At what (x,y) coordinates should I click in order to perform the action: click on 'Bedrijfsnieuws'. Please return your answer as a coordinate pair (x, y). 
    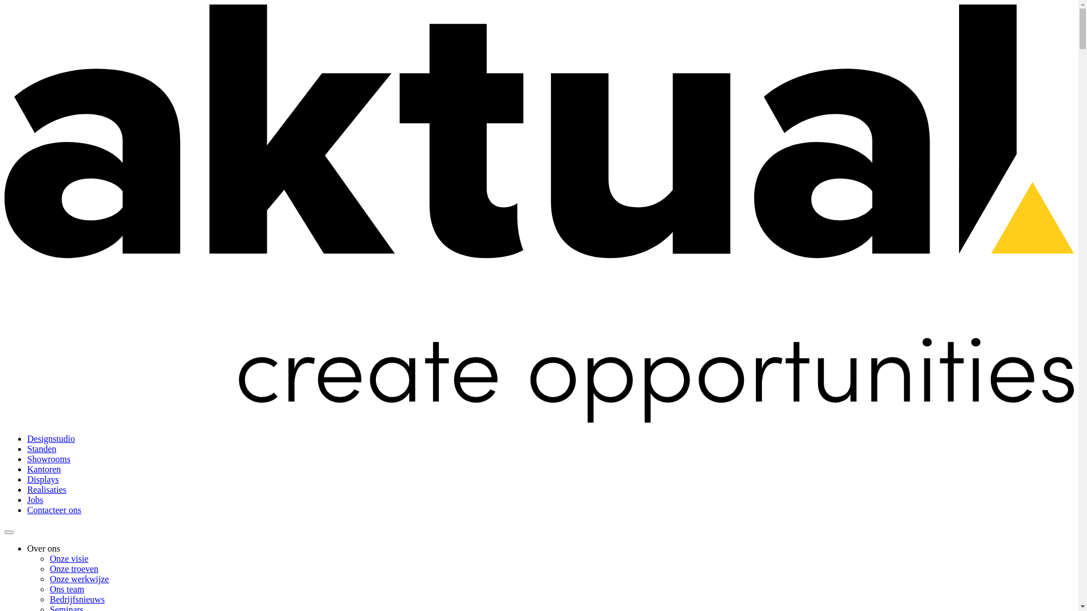
    Looking at the image, I should click on (76, 599).